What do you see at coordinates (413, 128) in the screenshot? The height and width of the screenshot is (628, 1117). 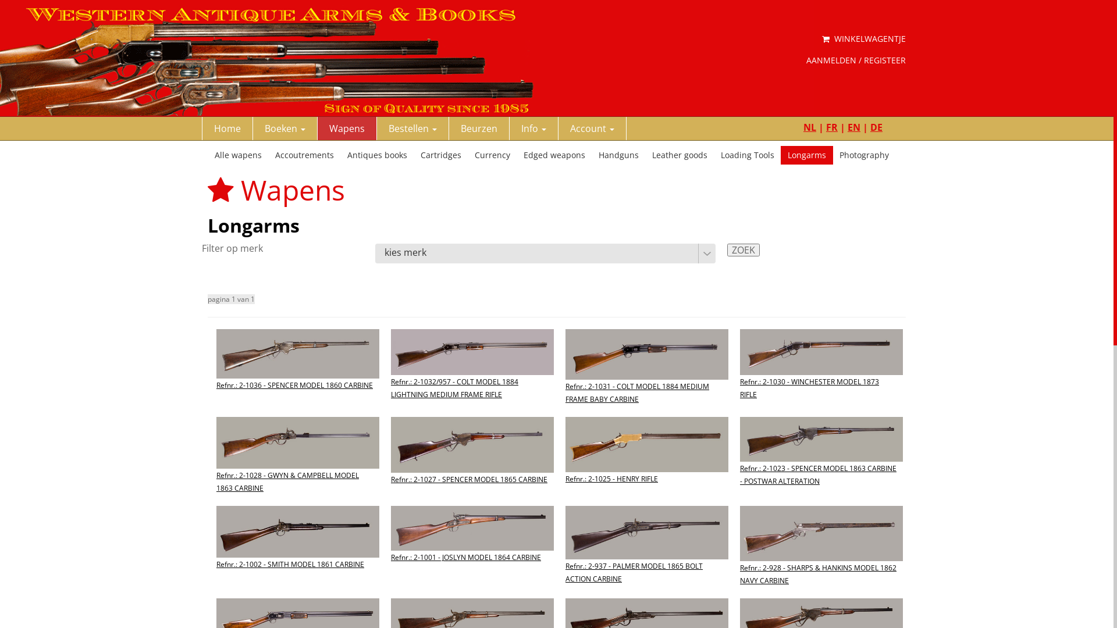 I see `'Bestellen'` at bounding box center [413, 128].